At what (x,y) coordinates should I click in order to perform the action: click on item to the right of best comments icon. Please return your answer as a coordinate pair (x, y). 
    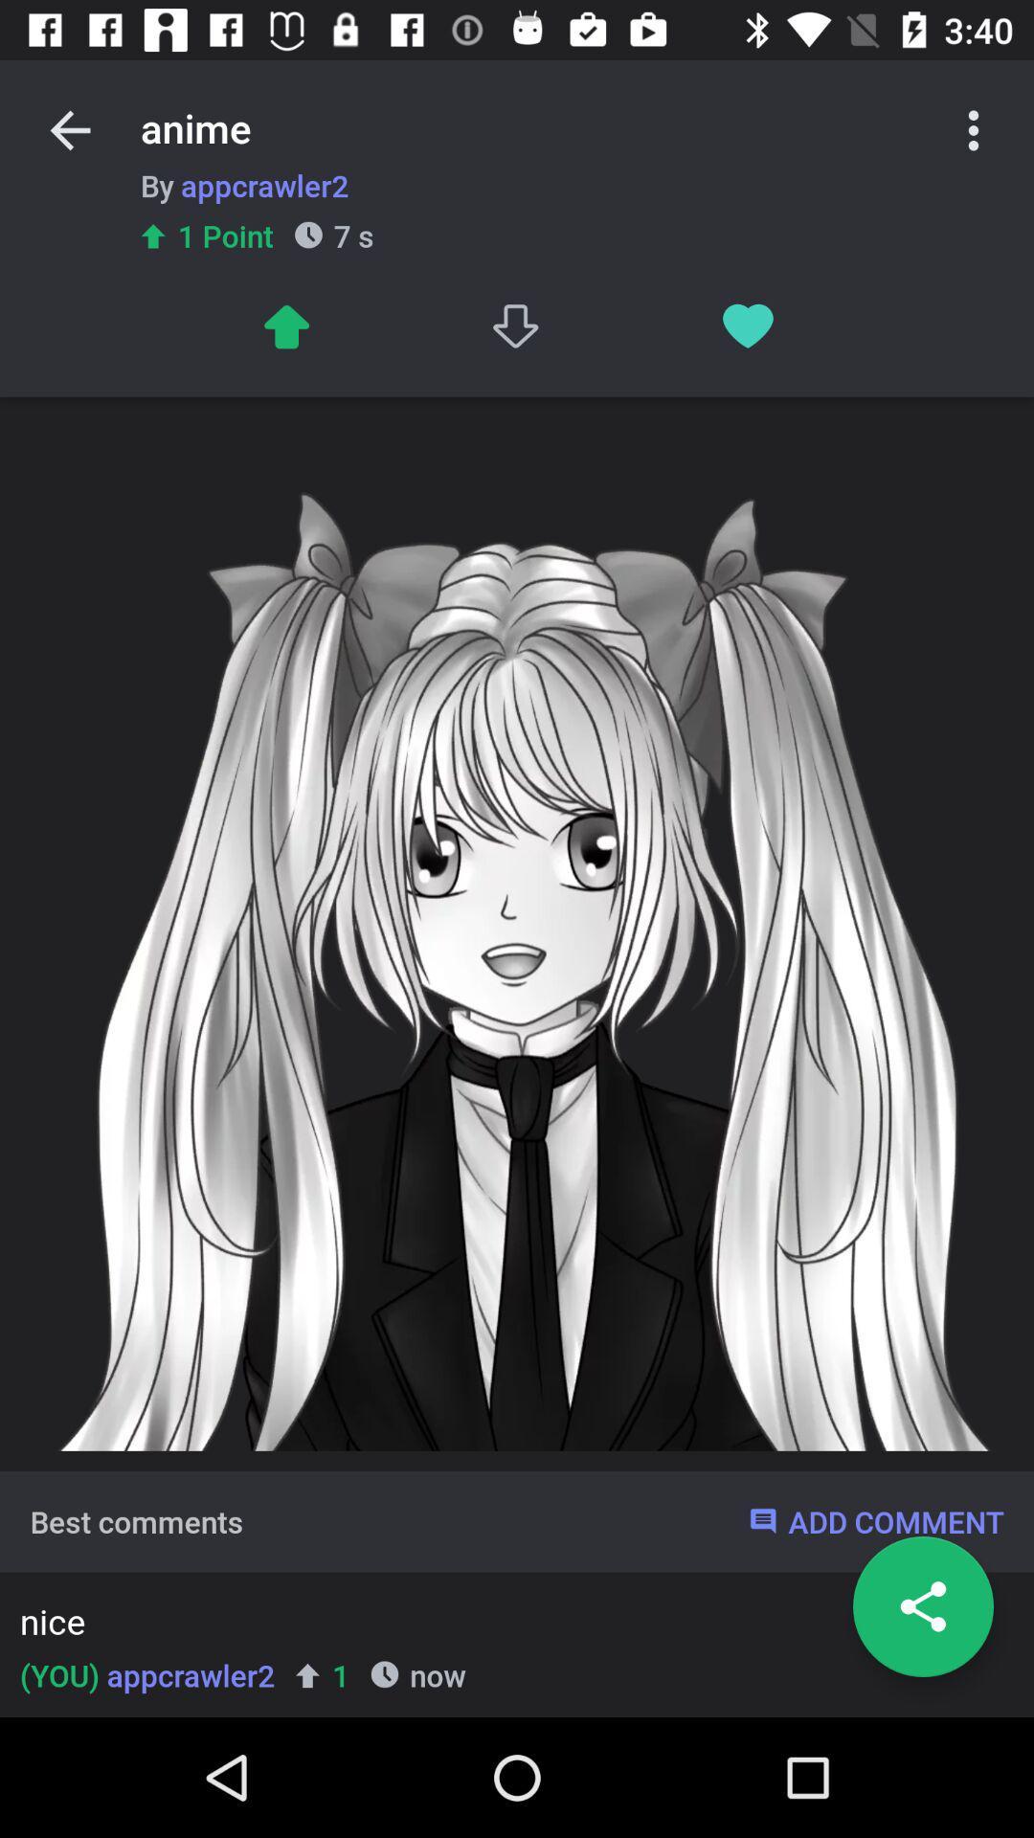
    Looking at the image, I should click on (875, 1520).